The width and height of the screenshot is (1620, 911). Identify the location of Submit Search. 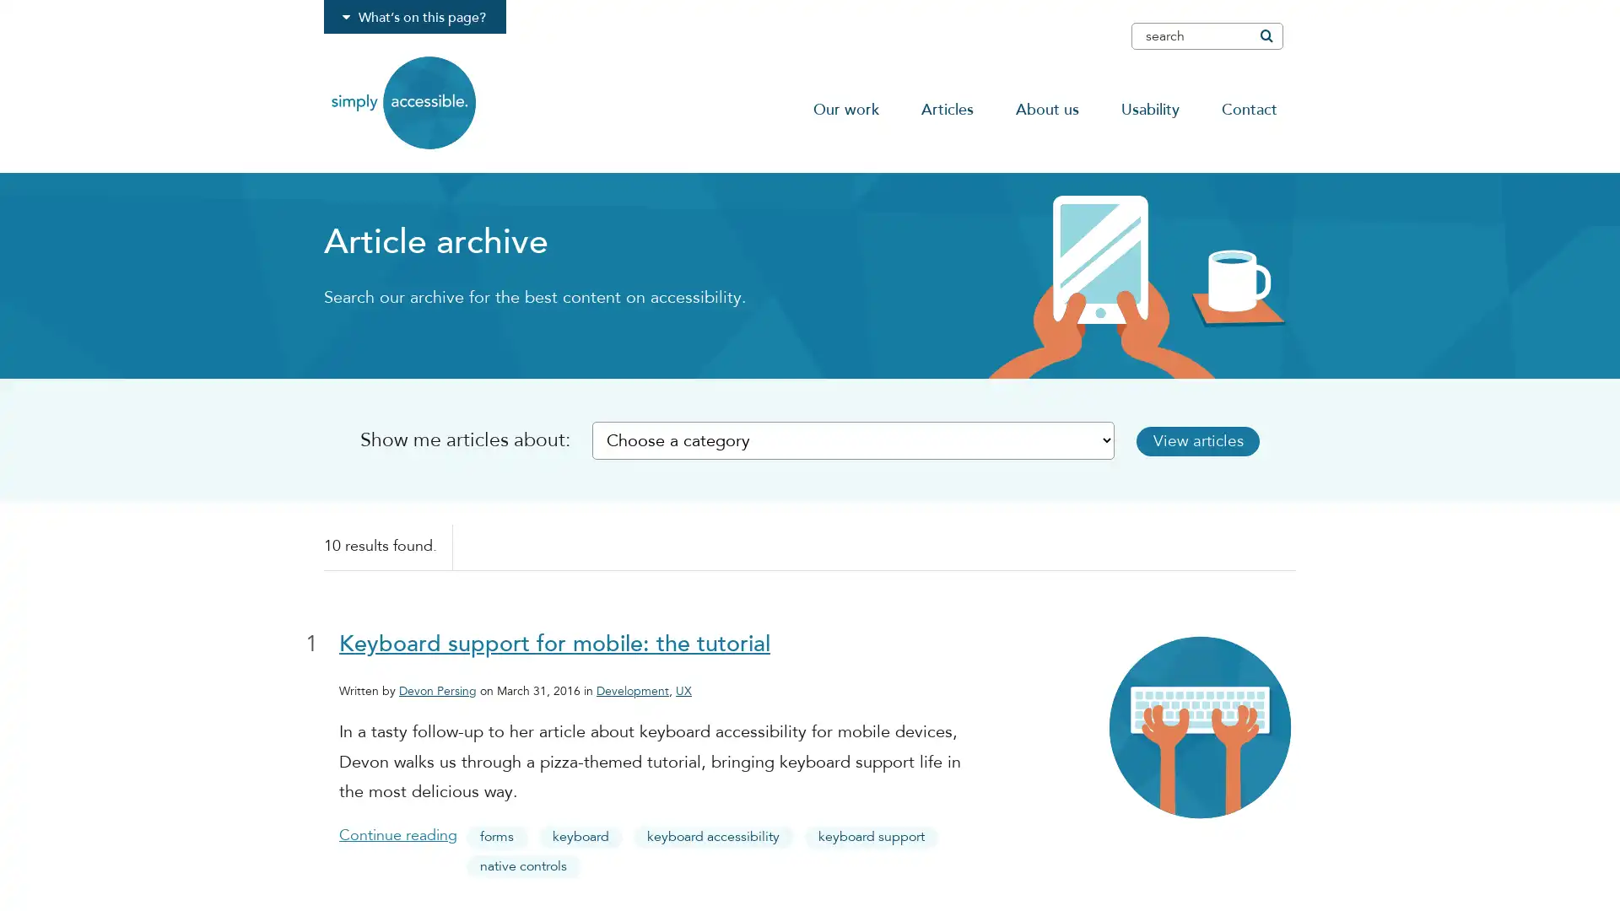
(1265, 35).